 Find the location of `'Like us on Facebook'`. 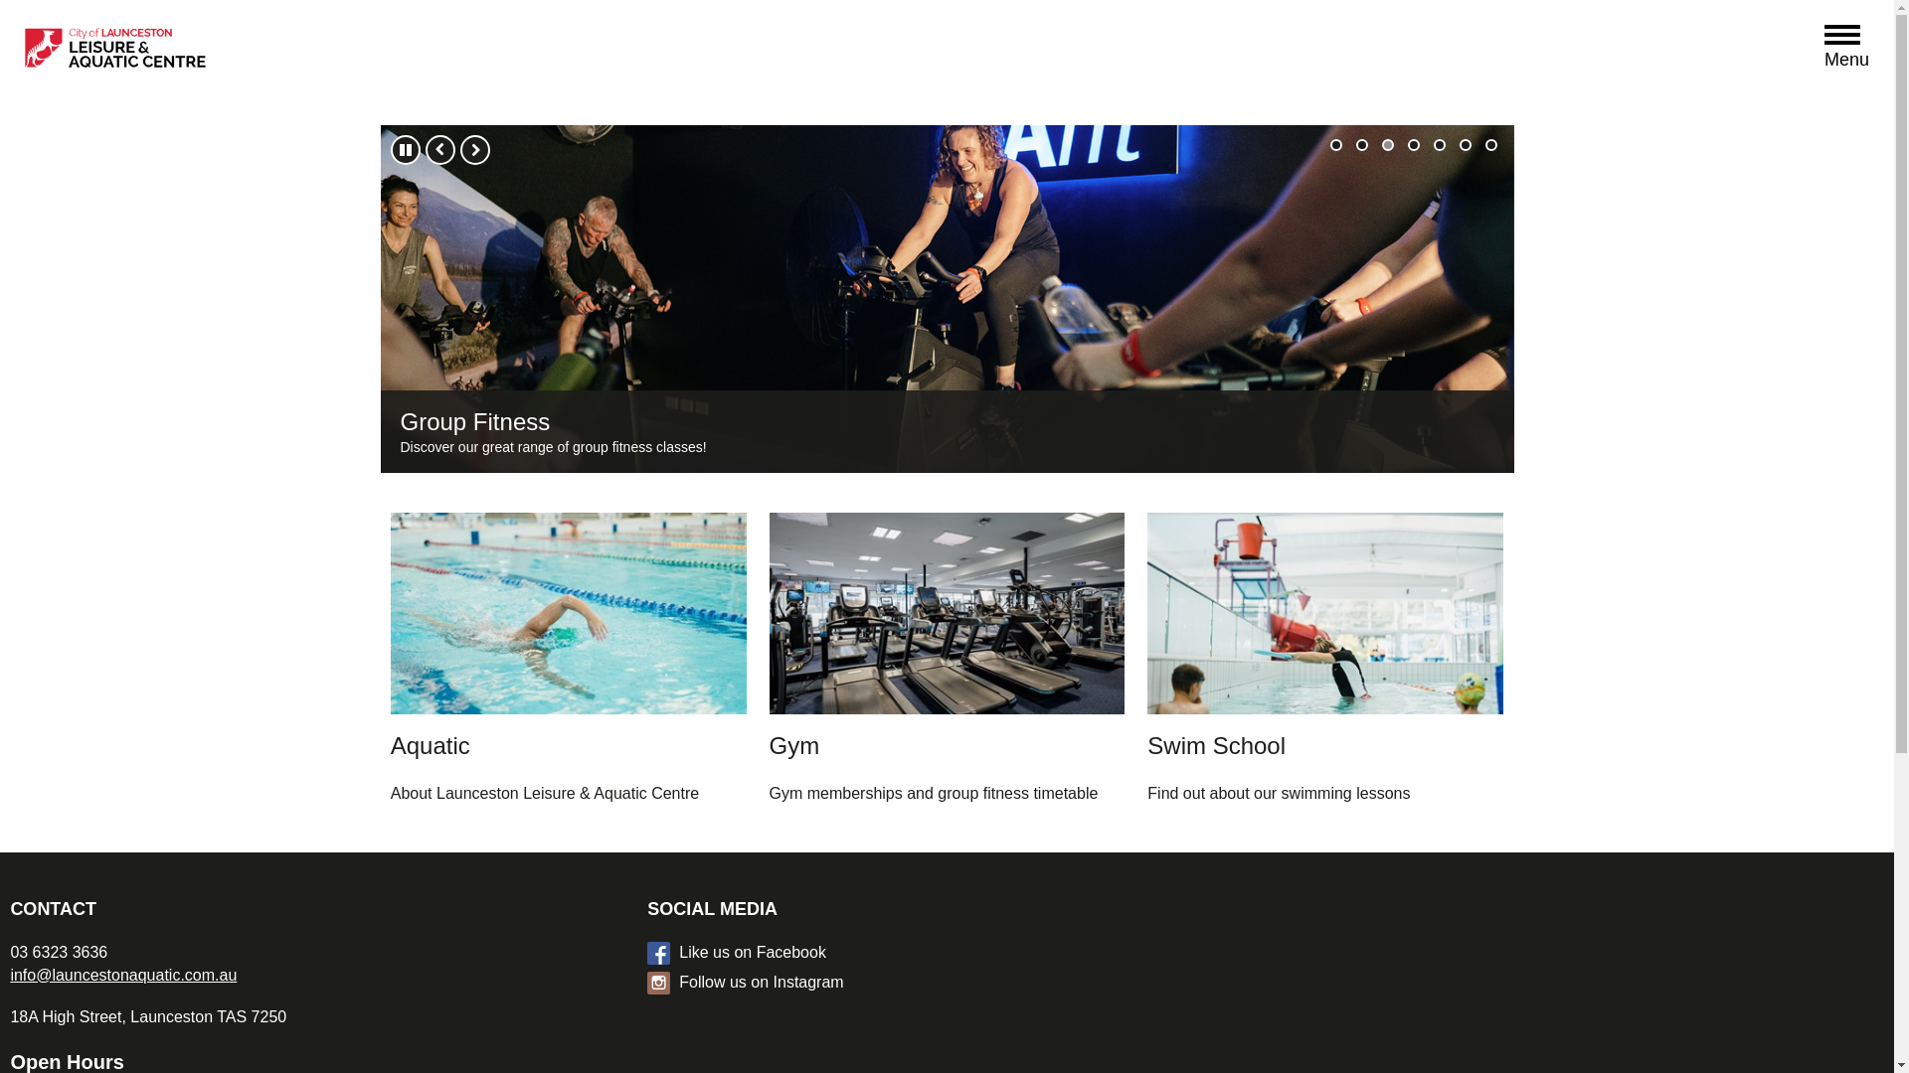

'Like us on Facebook' is located at coordinates (678, 952).